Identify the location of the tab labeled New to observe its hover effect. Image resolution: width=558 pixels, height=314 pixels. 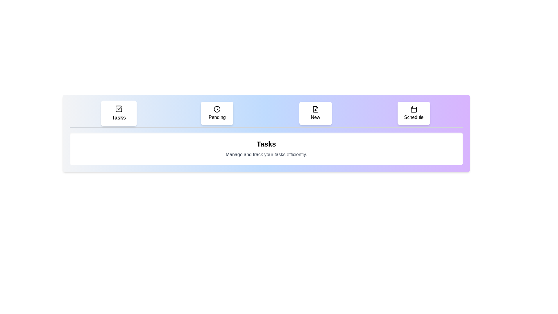
(315, 113).